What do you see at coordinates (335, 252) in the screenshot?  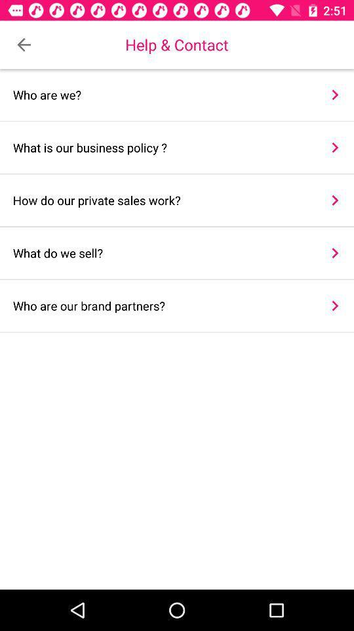 I see `icon below how do our` at bounding box center [335, 252].